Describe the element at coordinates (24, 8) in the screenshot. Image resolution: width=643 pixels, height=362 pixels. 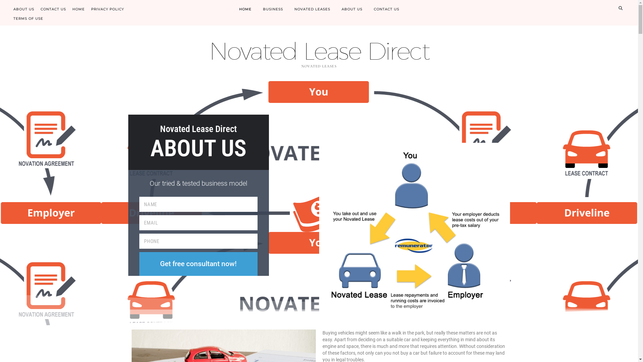
I see `'ABOUT US'` at that location.